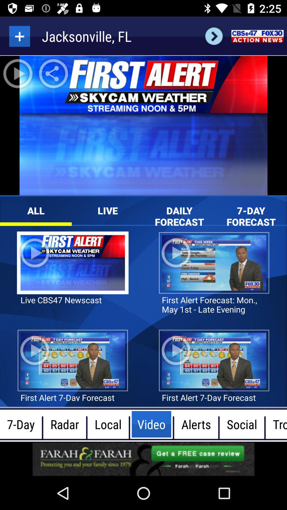 This screenshot has width=287, height=510. I want to click on the arrow_forward icon, so click(214, 36).